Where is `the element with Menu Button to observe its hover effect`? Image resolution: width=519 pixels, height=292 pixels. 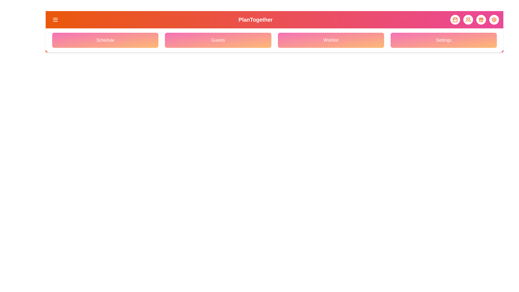
the element with Menu Button to observe its hover effect is located at coordinates (55, 19).